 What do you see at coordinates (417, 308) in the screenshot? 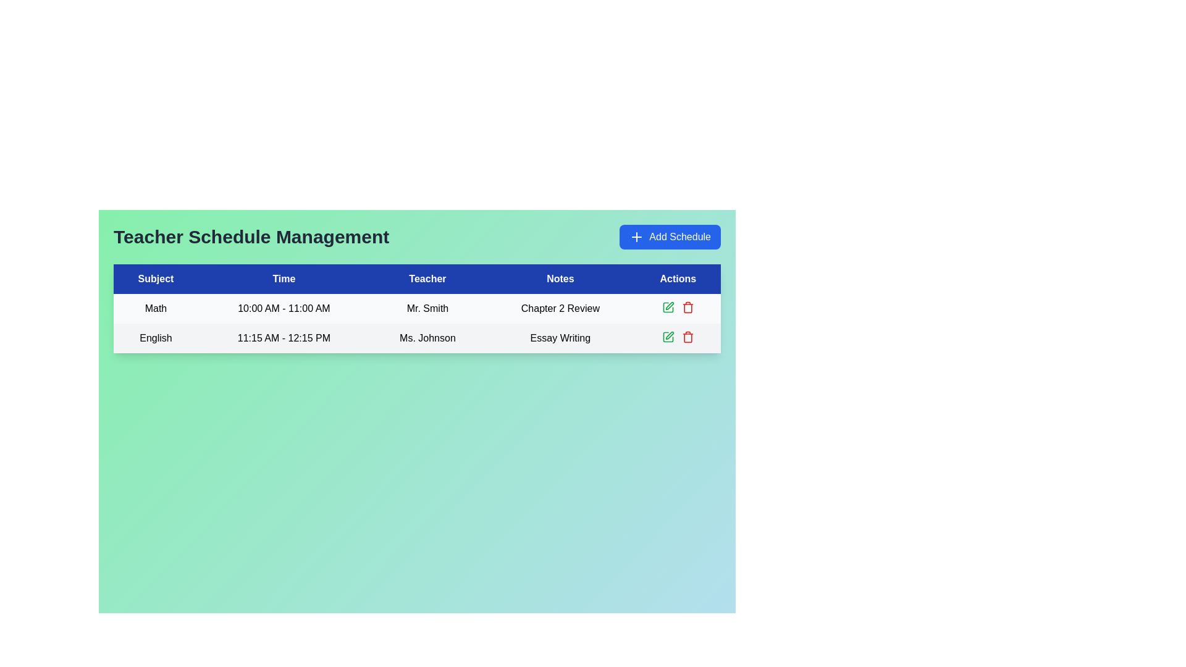
I see `teacher's name displayed in the third column of the first row under the 'Teacher' header in the schedule table` at bounding box center [417, 308].